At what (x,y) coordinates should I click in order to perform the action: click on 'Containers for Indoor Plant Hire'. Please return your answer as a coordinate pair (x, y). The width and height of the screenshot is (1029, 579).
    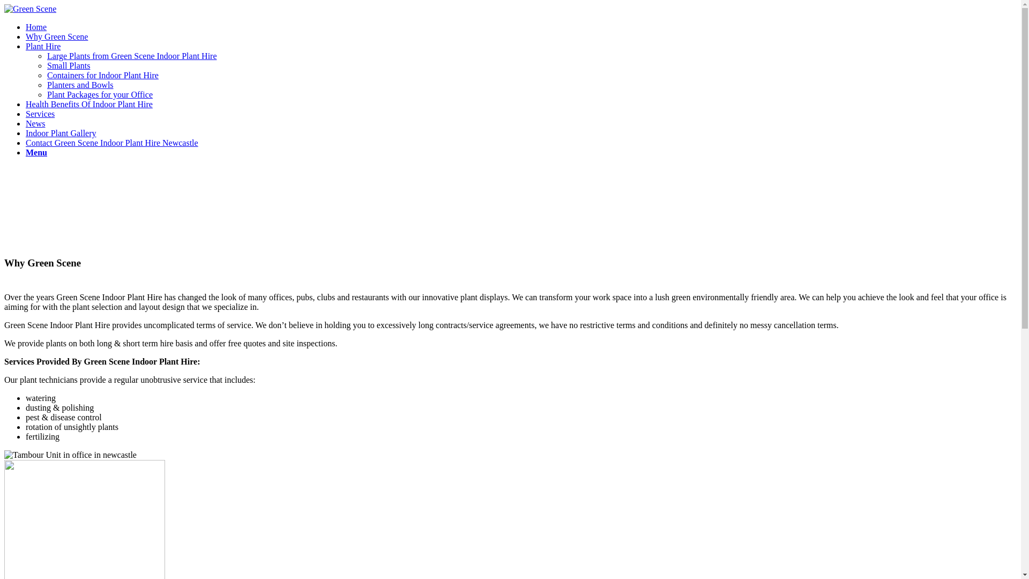
    Looking at the image, I should click on (103, 75).